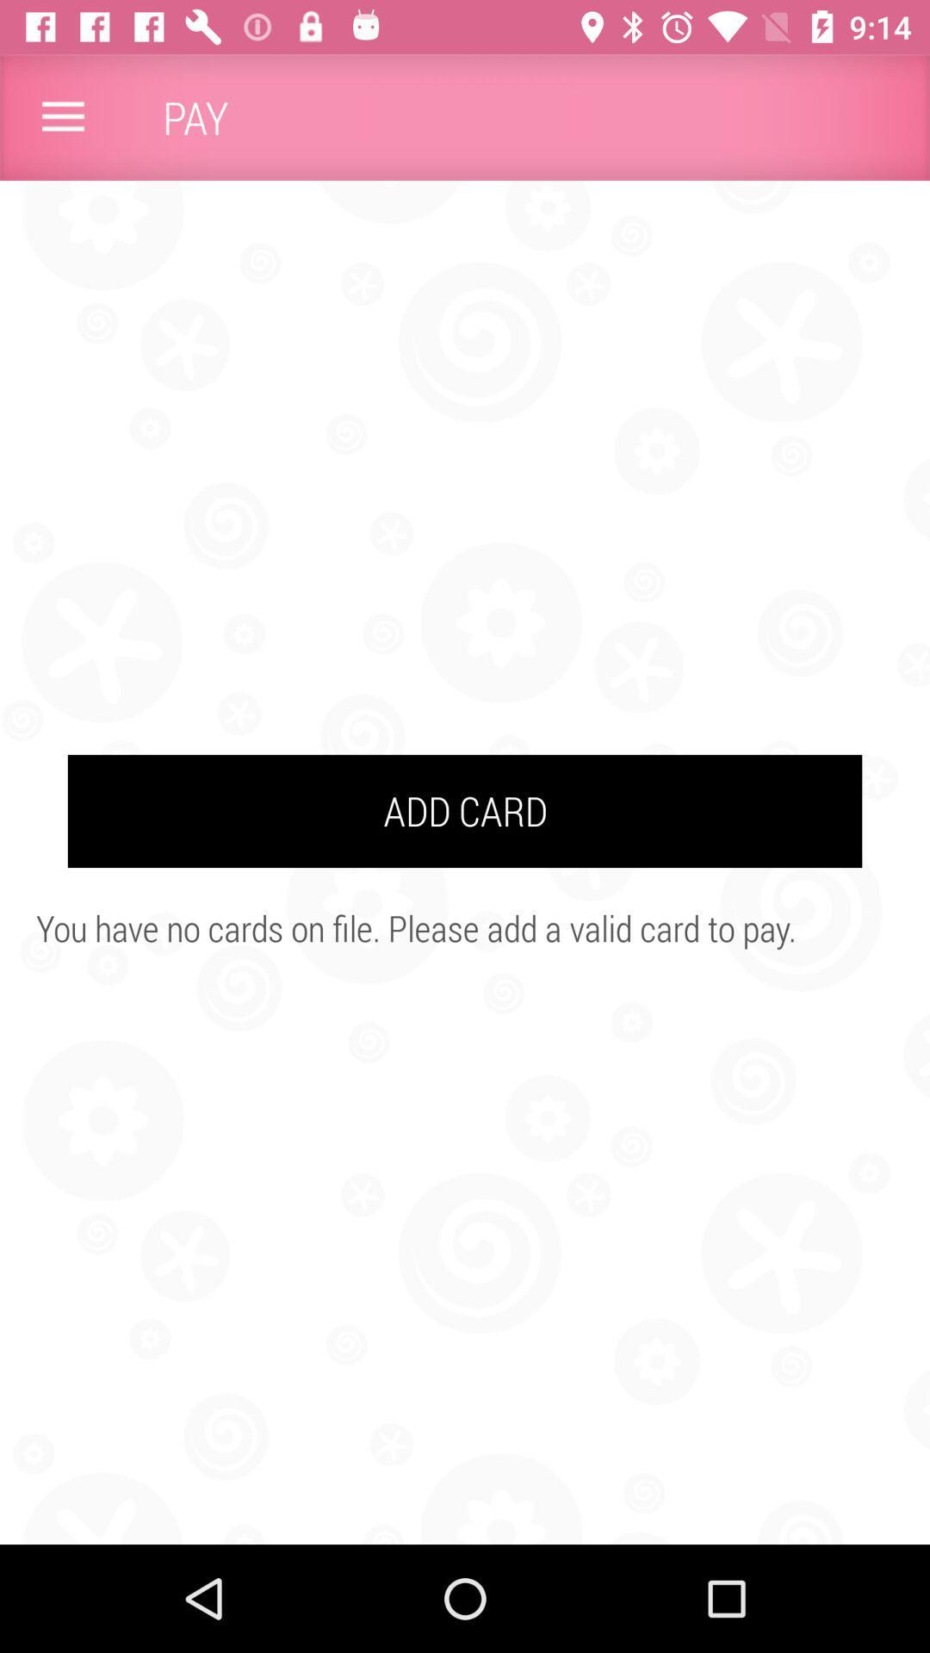  What do you see at coordinates (62, 116) in the screenshot?
I see `the item next to the pay` at bounding box center [62, 116].